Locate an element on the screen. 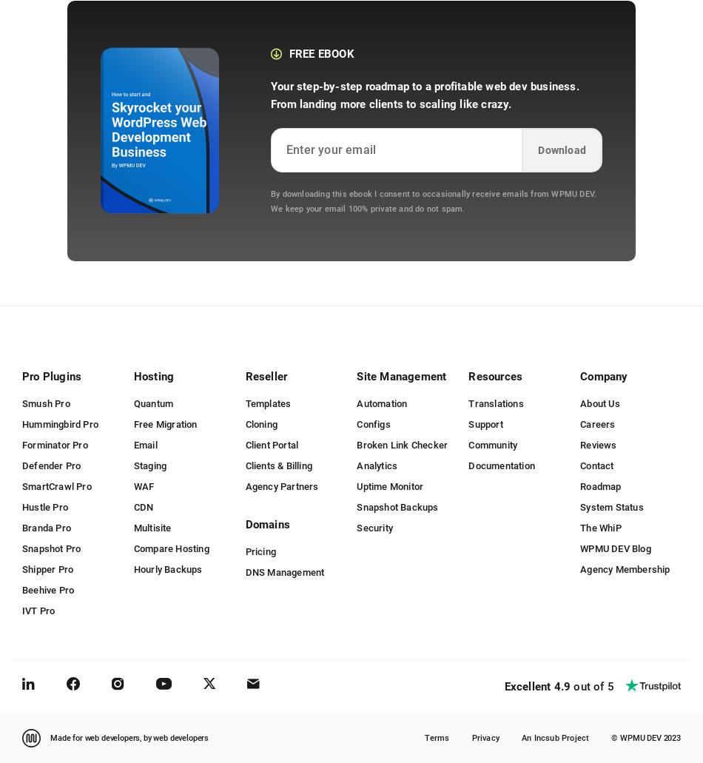  'An Incsub Project' is located at coordinates (554, 736).